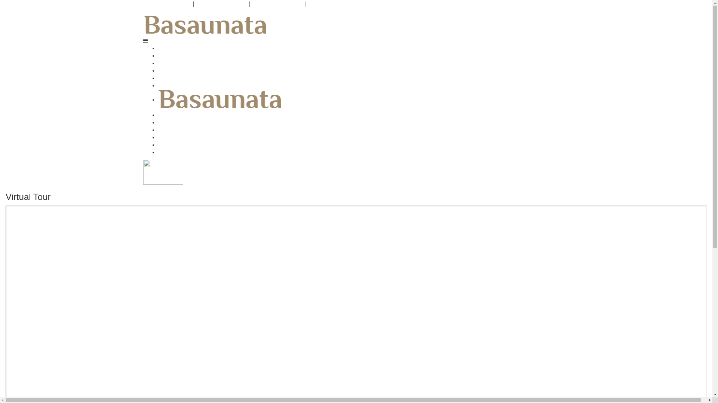  What do you see at coordinates (166, 152) in the screenshot?
I see `'Contact'` at bounding box center [166, 152].